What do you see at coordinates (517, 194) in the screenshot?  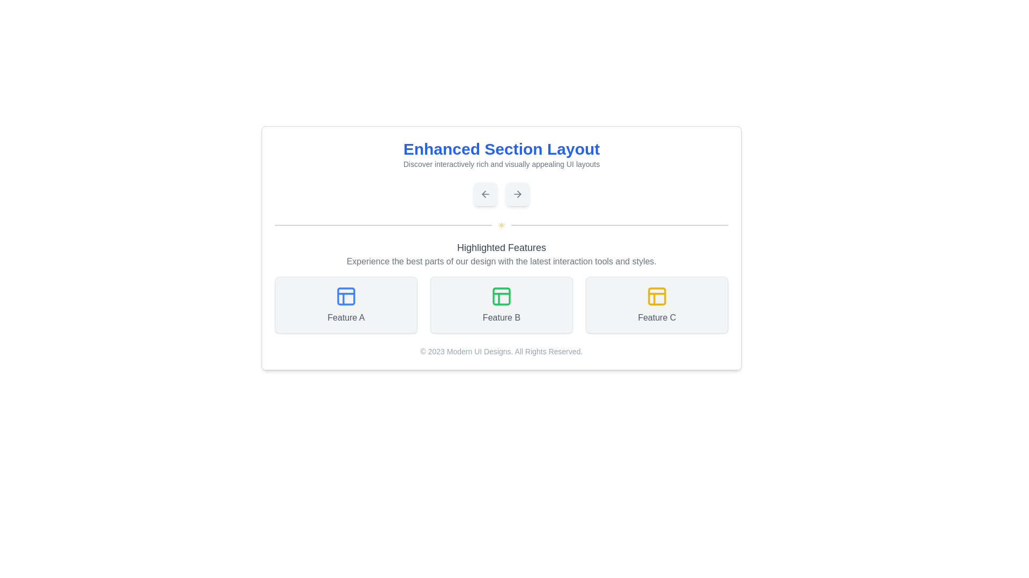 I see `the arrow icon button pointing to the right, which is styled with a gray line and round corners, to get focus` at bounding box center [517, 194].